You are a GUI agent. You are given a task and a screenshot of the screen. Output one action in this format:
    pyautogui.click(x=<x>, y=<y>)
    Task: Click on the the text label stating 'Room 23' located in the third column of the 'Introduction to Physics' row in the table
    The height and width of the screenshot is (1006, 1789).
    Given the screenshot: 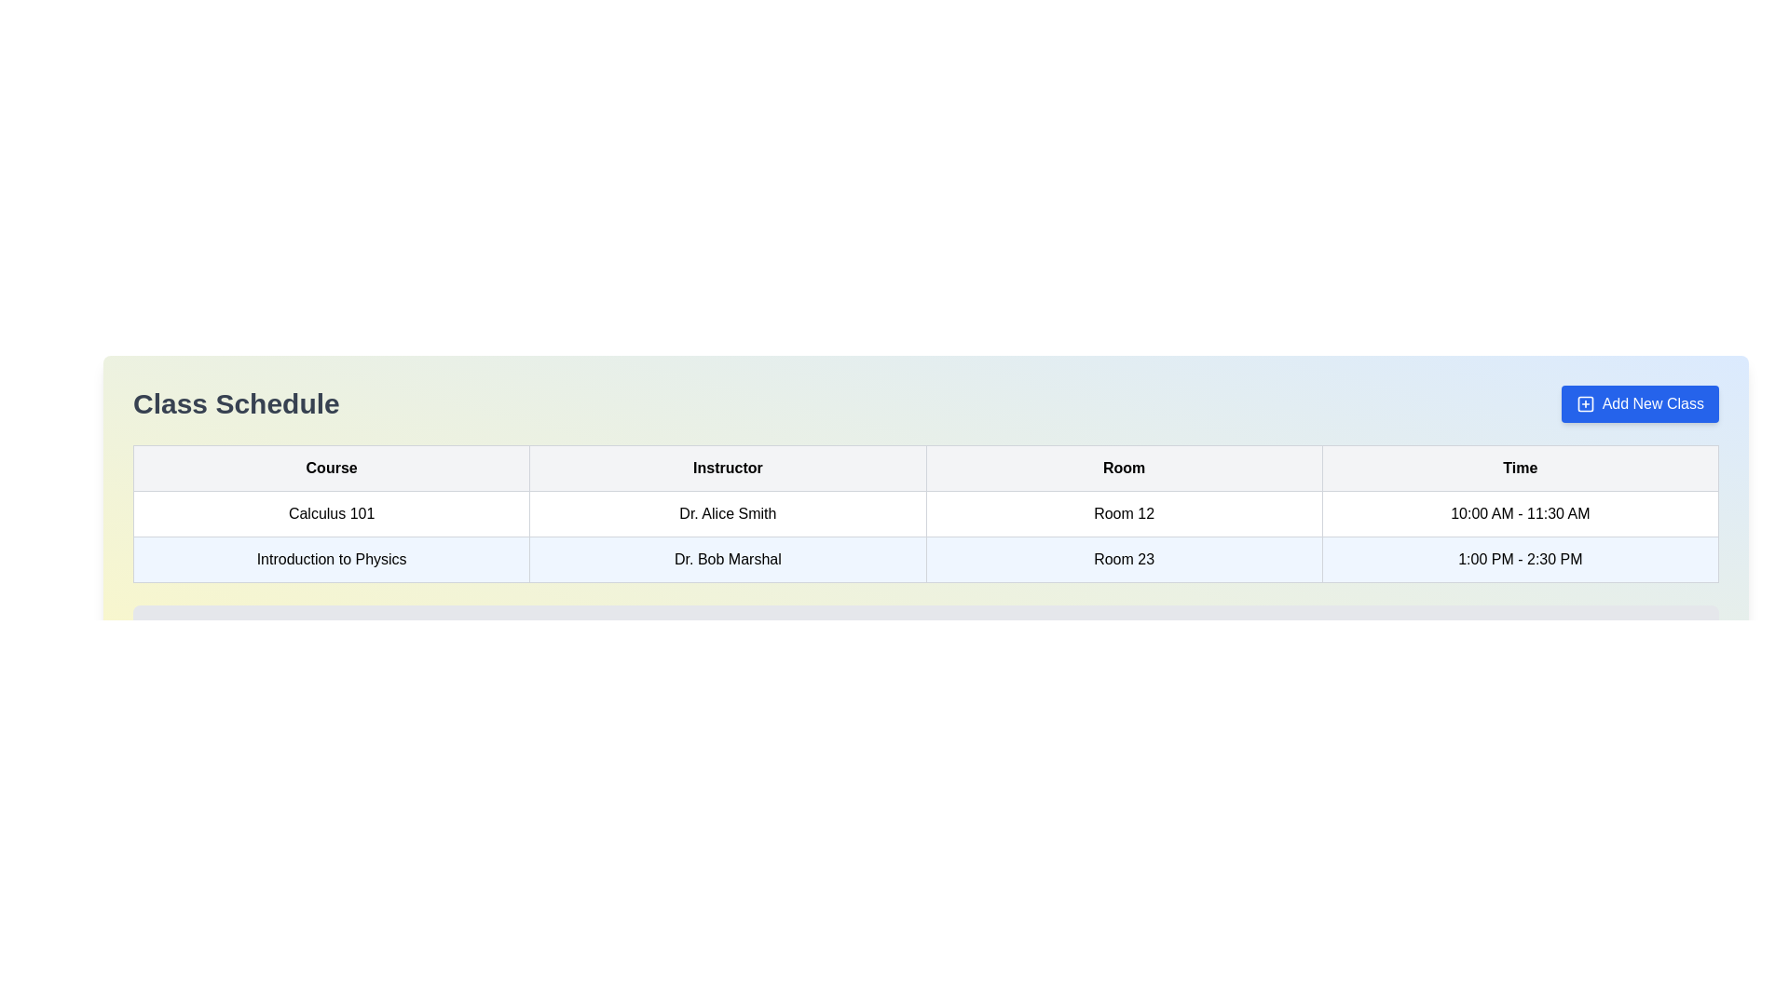 What is the action you would take?
    pyautogui.click(x=1123, y=559)
    